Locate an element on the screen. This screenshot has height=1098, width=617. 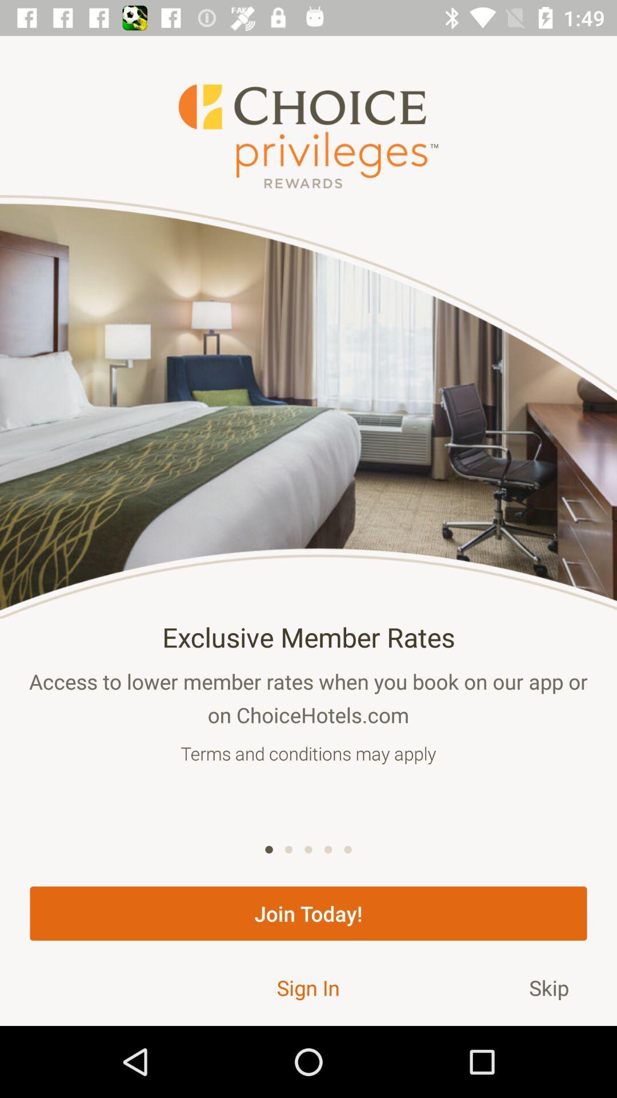
the icon next to skip is located at coordinates (307, 987).